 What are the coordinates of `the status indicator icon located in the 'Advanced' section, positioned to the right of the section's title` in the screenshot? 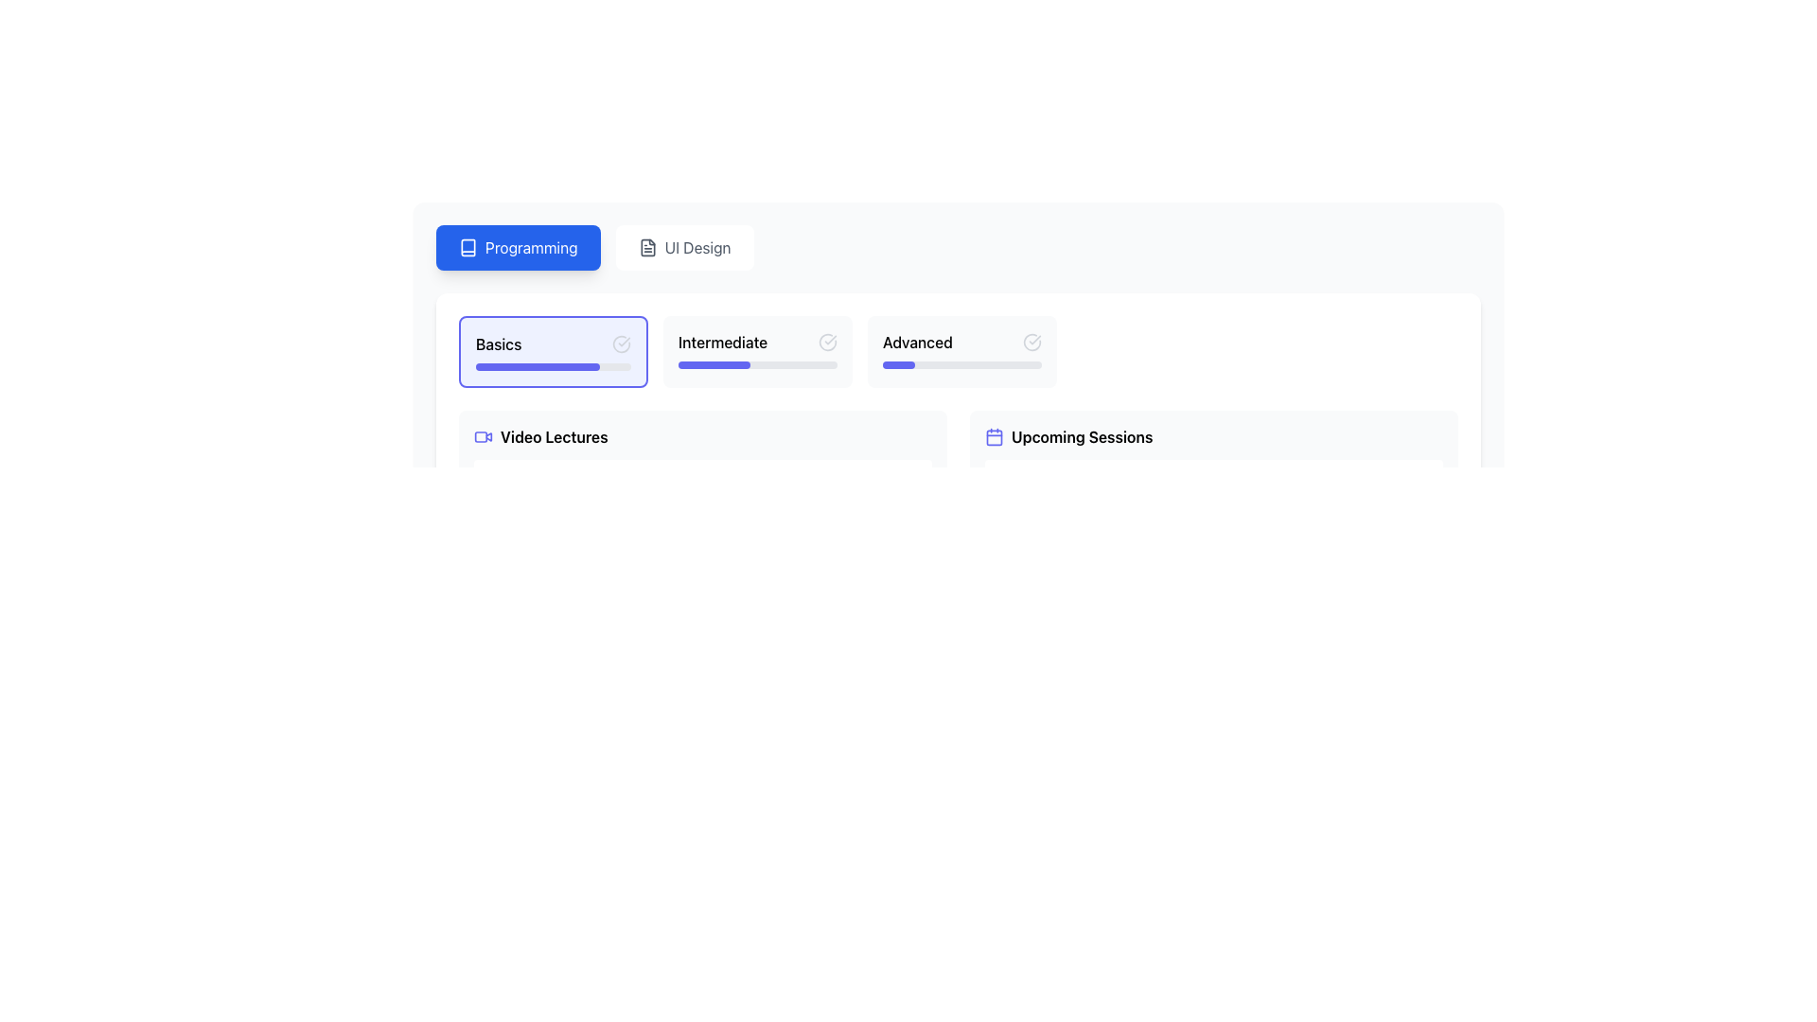 It's located at (1031, 343).